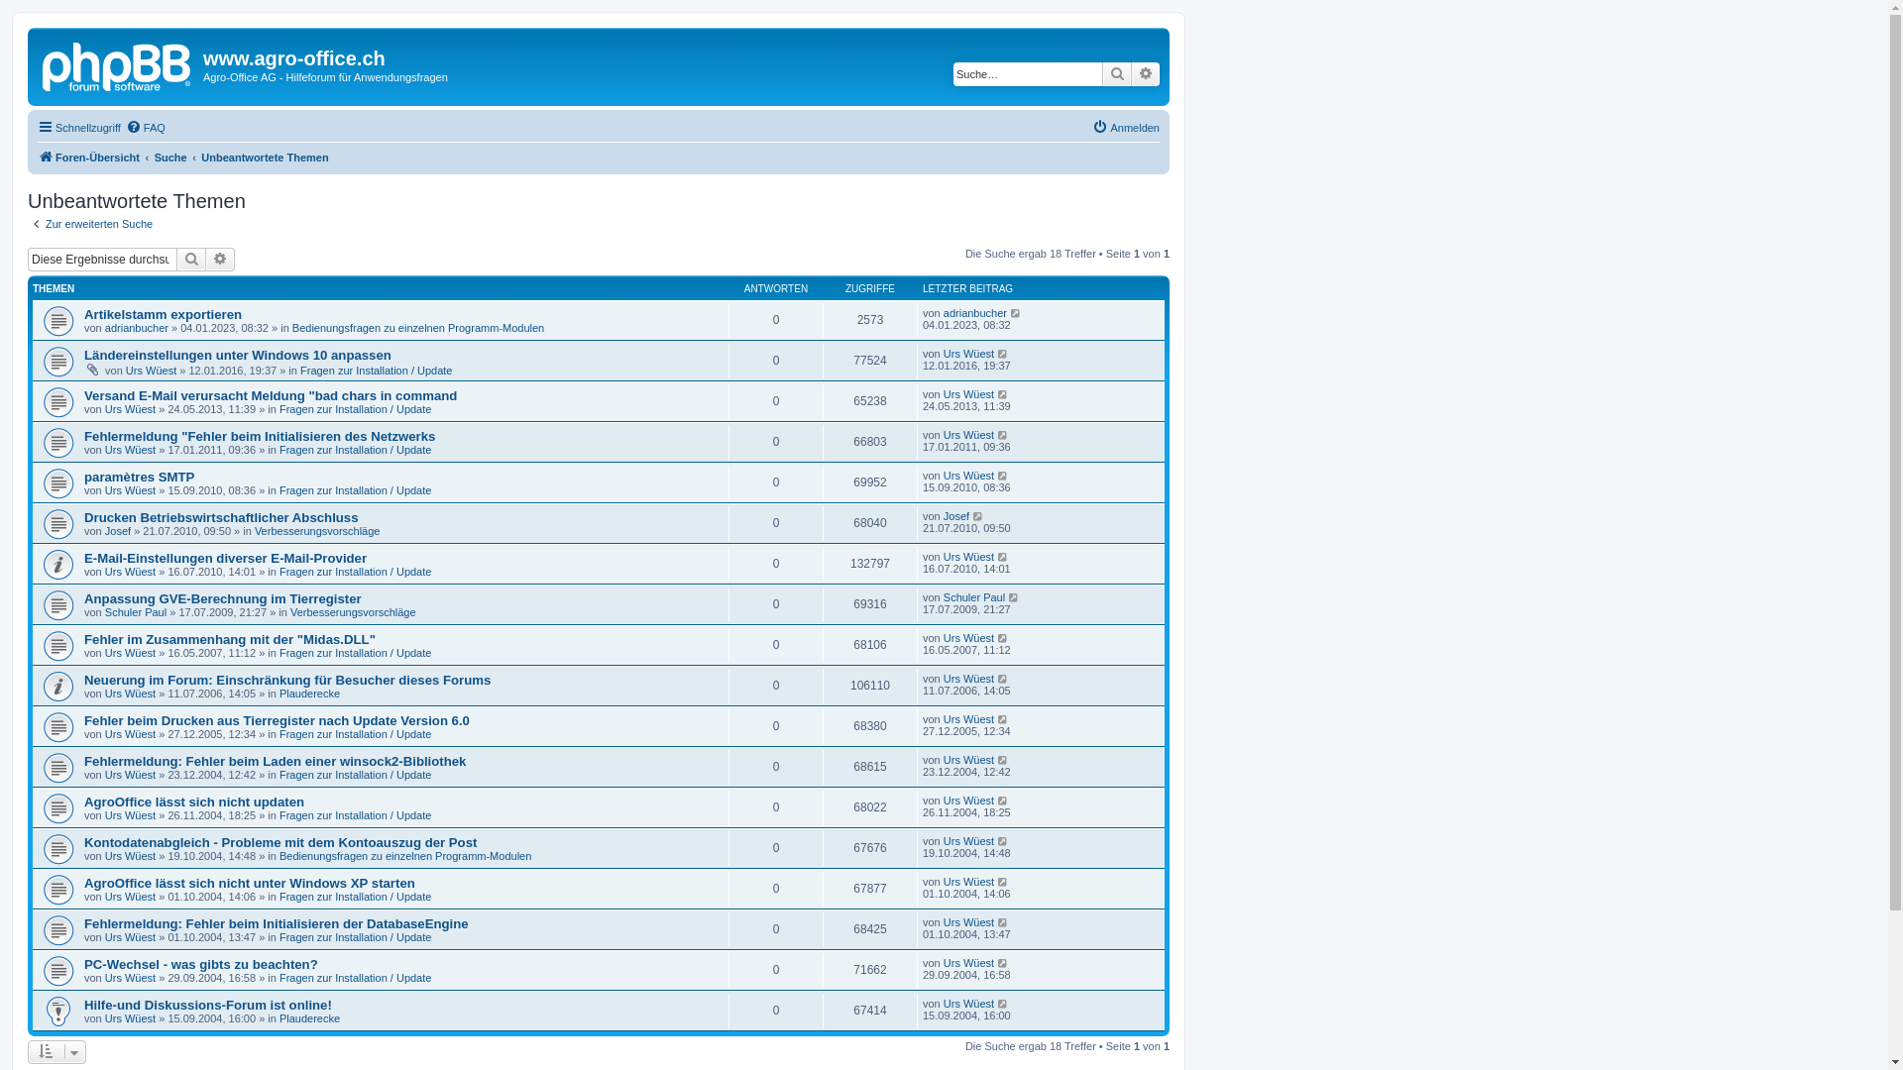 This screenshot has height=1070, width=1903. I want to click on 'Schnellzugriff', so click(79, 127).